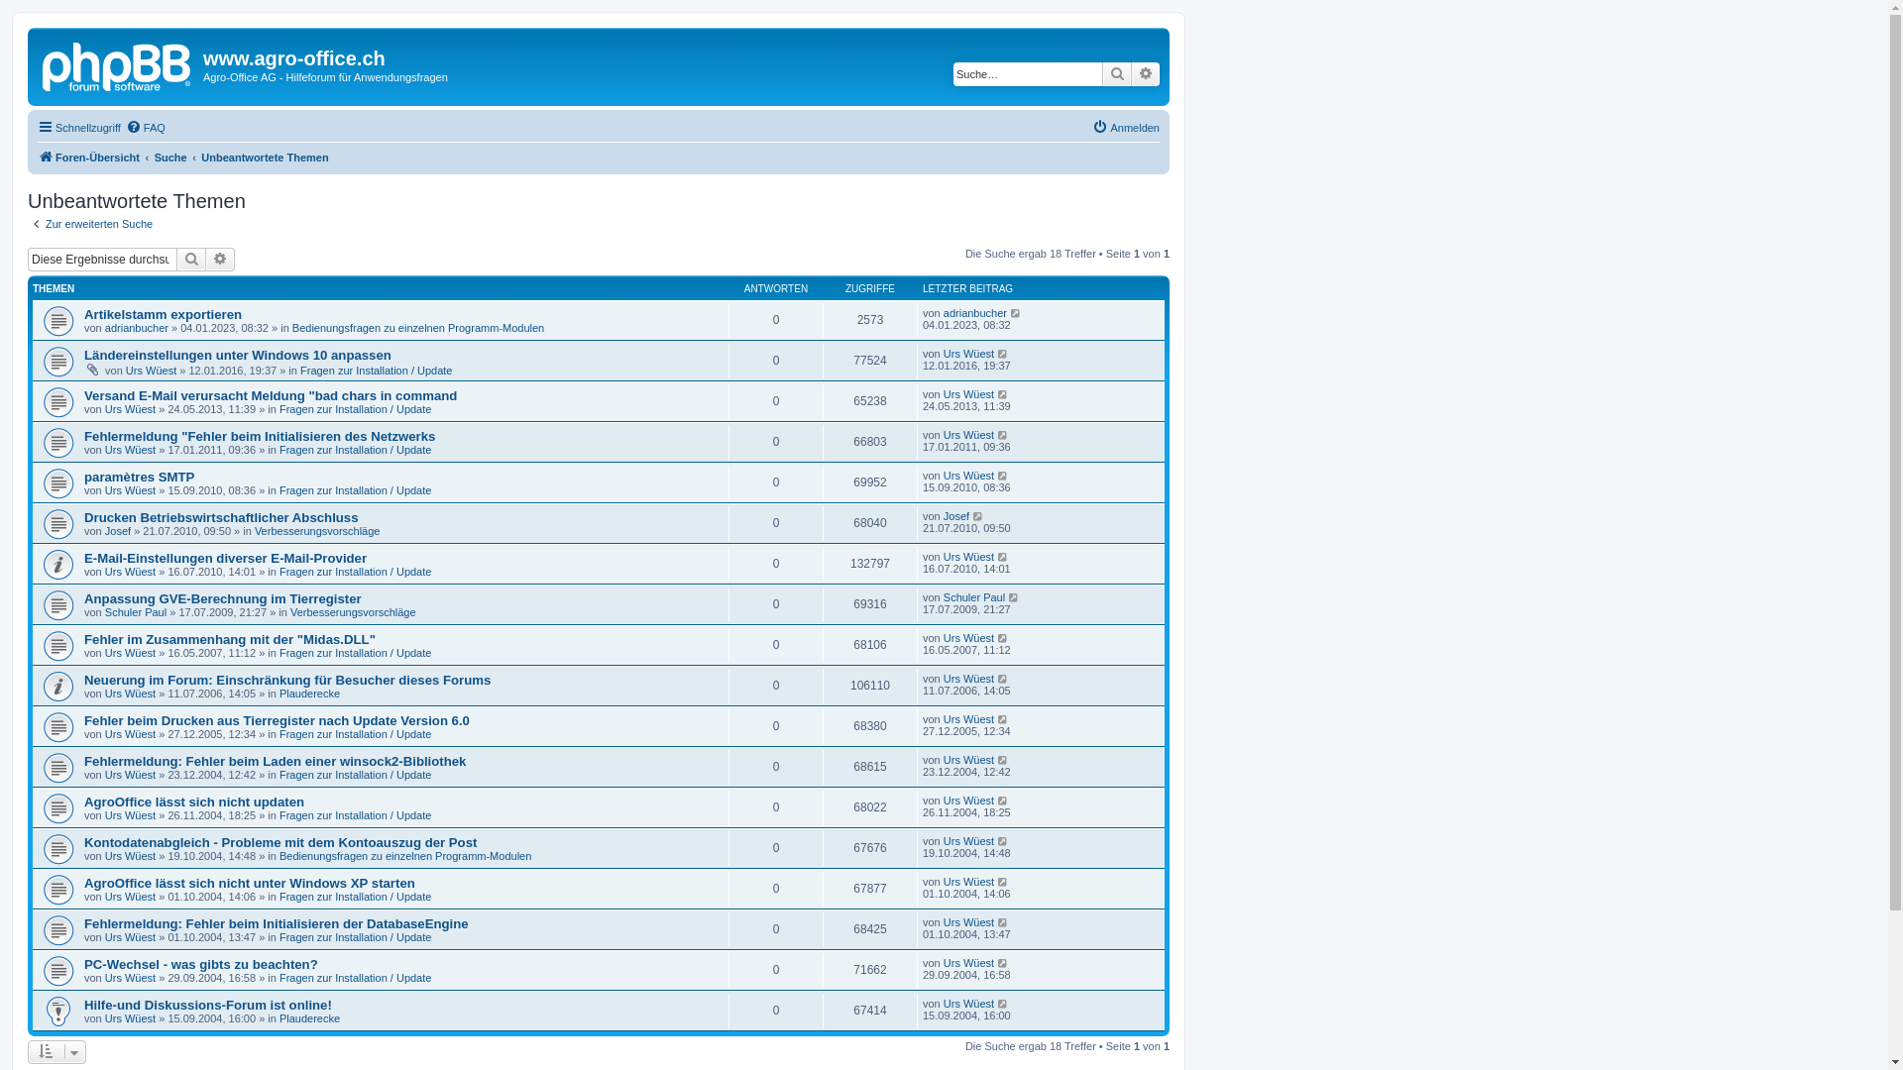 This screenshot has height=1070, width=1903. I want to click on 'Schnellzugriff', so click(79, 127).